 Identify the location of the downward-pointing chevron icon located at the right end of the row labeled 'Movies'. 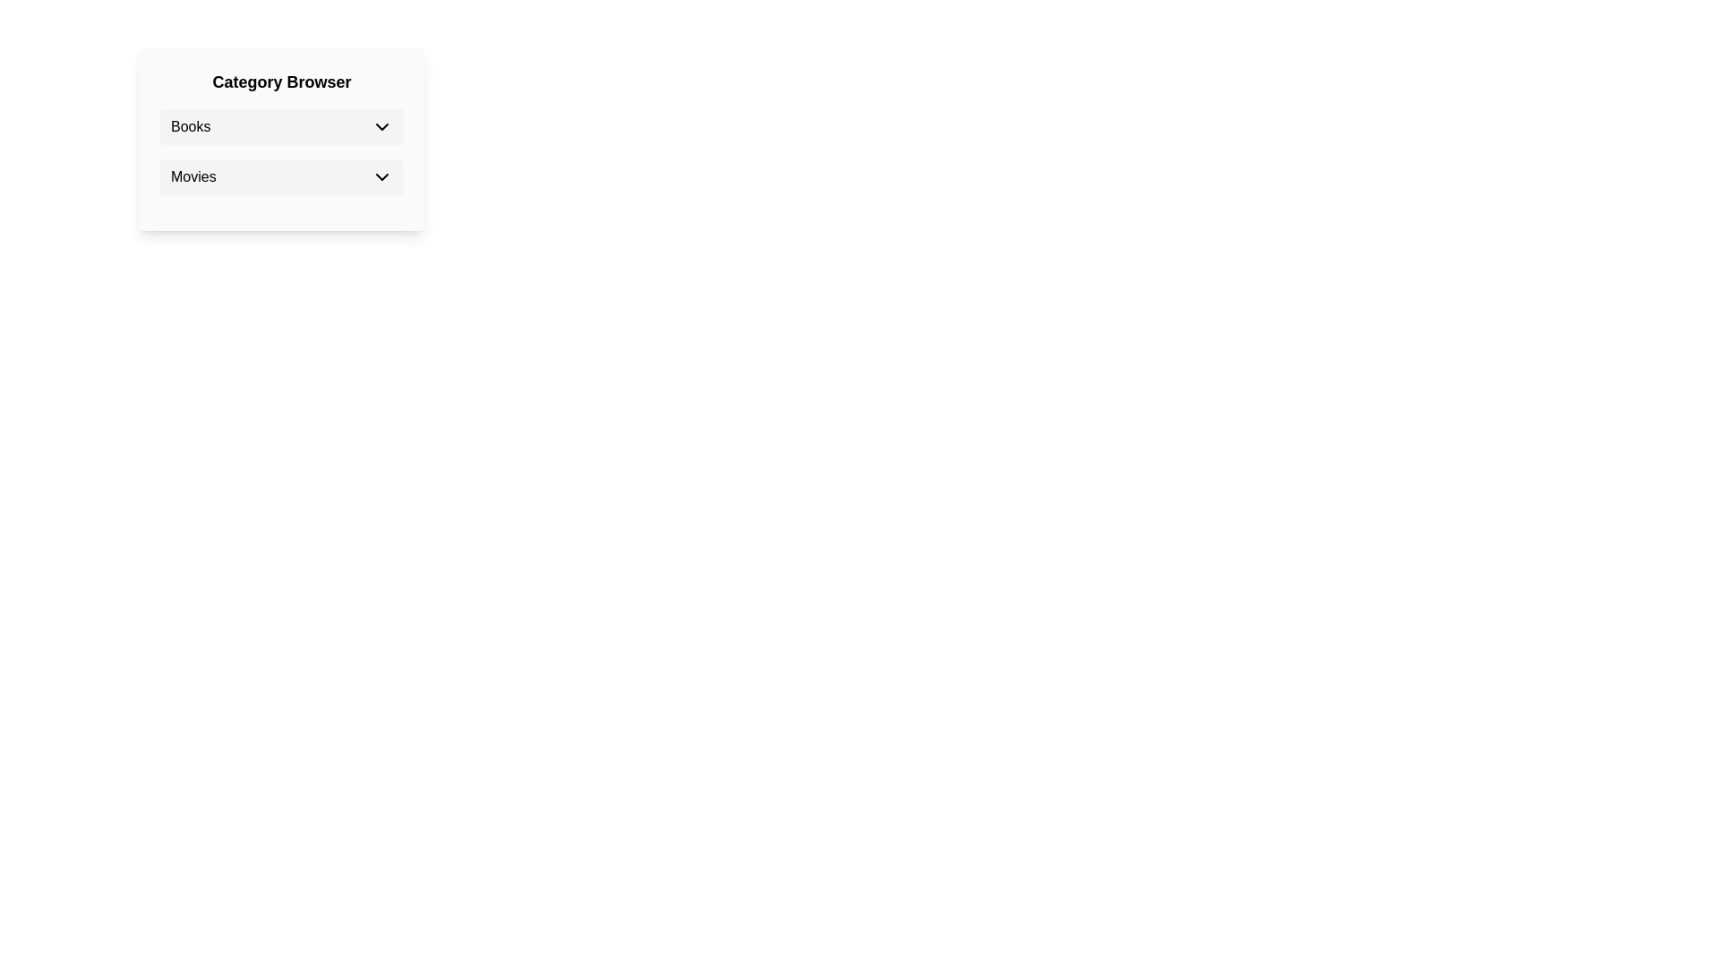
(381, 176).